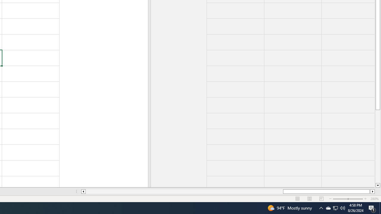 The height and width of the screenshot is (214, 381). Describe the element at coordinates (365, 199) in the screenshot. I see `'Zoom In'` at that location.